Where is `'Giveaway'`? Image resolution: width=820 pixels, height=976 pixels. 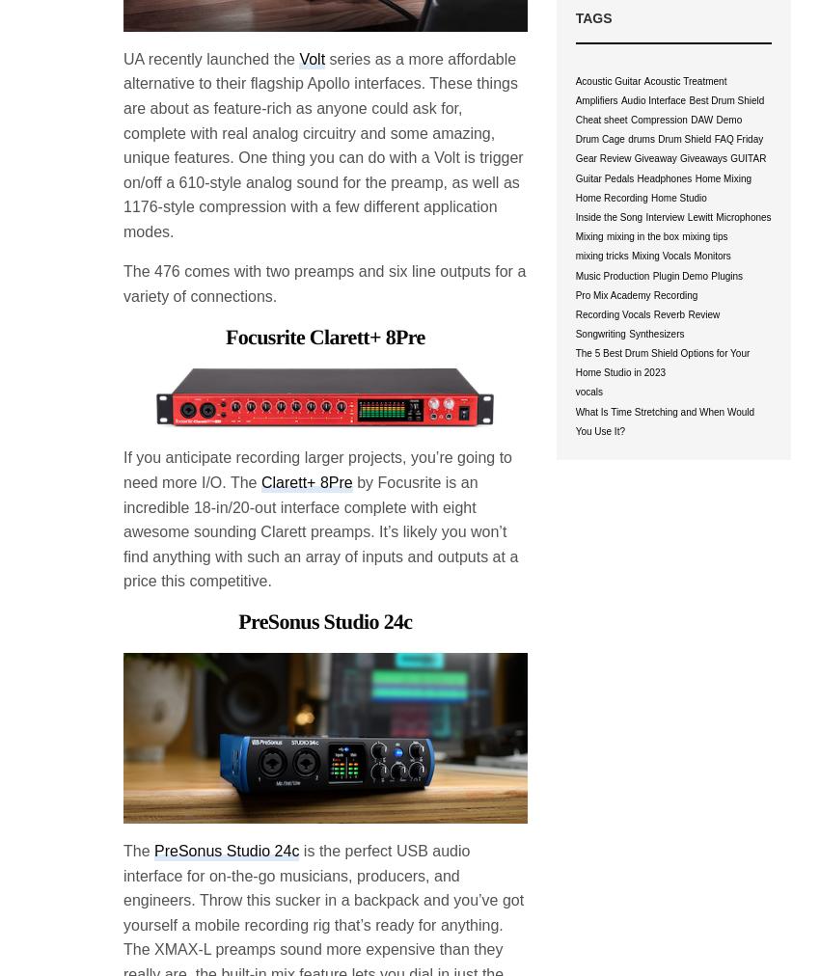 'Giveaway' is located at coordinates (654, 158).